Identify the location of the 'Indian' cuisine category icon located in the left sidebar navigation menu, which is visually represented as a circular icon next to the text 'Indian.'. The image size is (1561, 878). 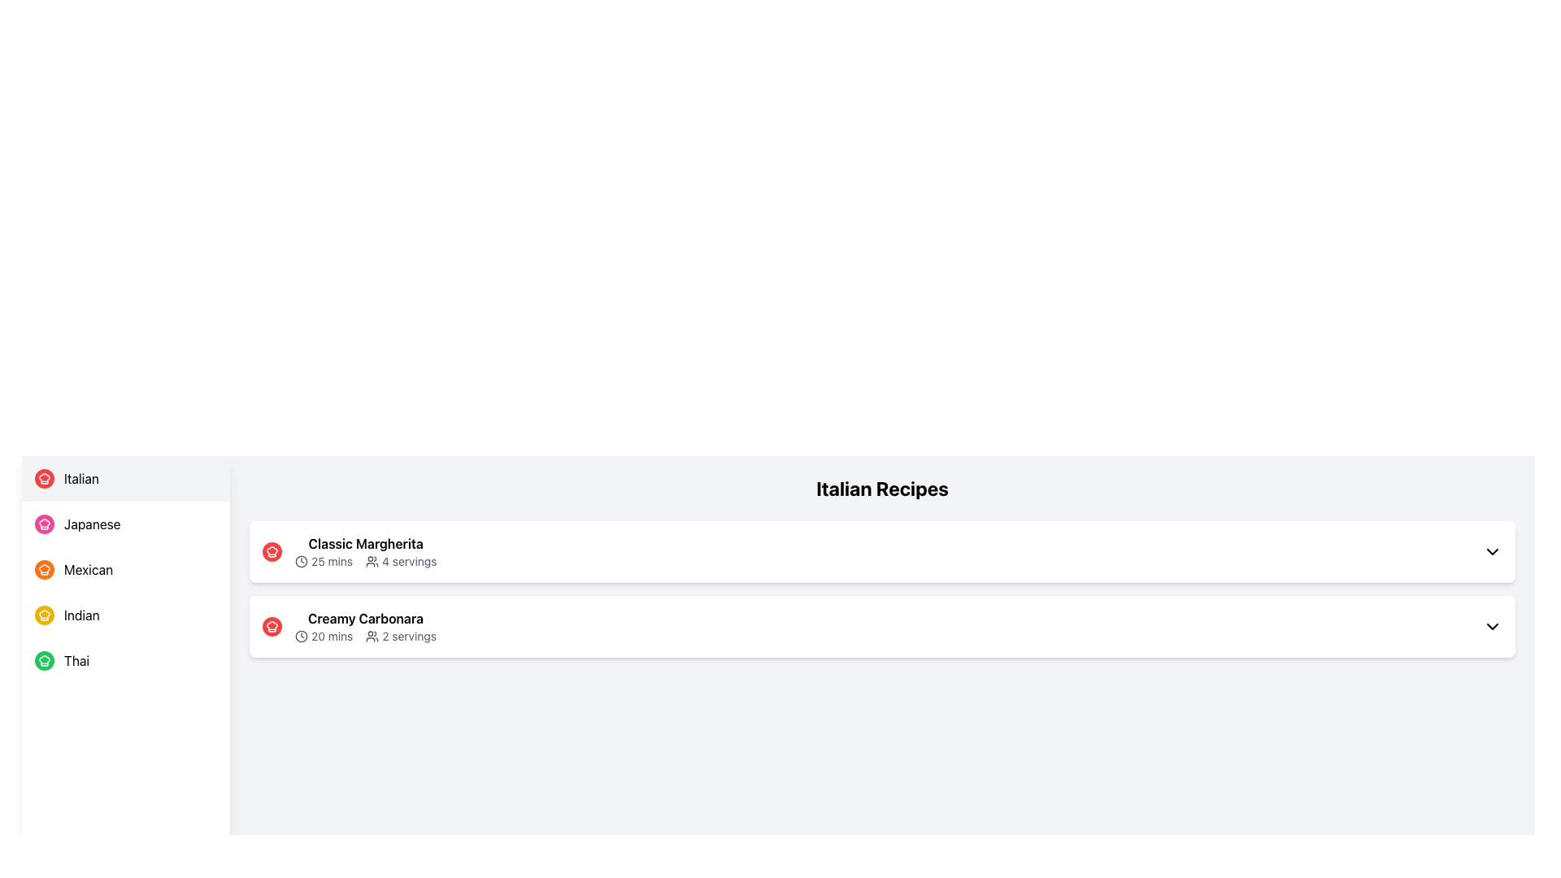
(44, 615).